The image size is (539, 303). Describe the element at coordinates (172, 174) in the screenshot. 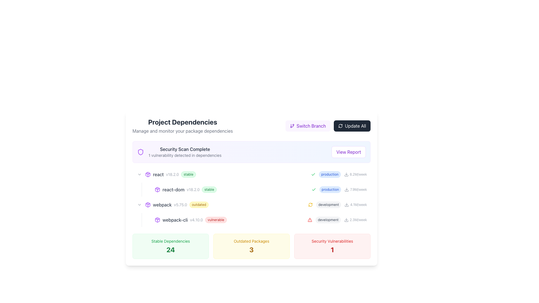

I see `displayed version information from the Text label showing 'v18.2.0' for the 'react' library, located in the 'Project Dependencies' section between the 'react' text and the 'stable' badge` at that location.